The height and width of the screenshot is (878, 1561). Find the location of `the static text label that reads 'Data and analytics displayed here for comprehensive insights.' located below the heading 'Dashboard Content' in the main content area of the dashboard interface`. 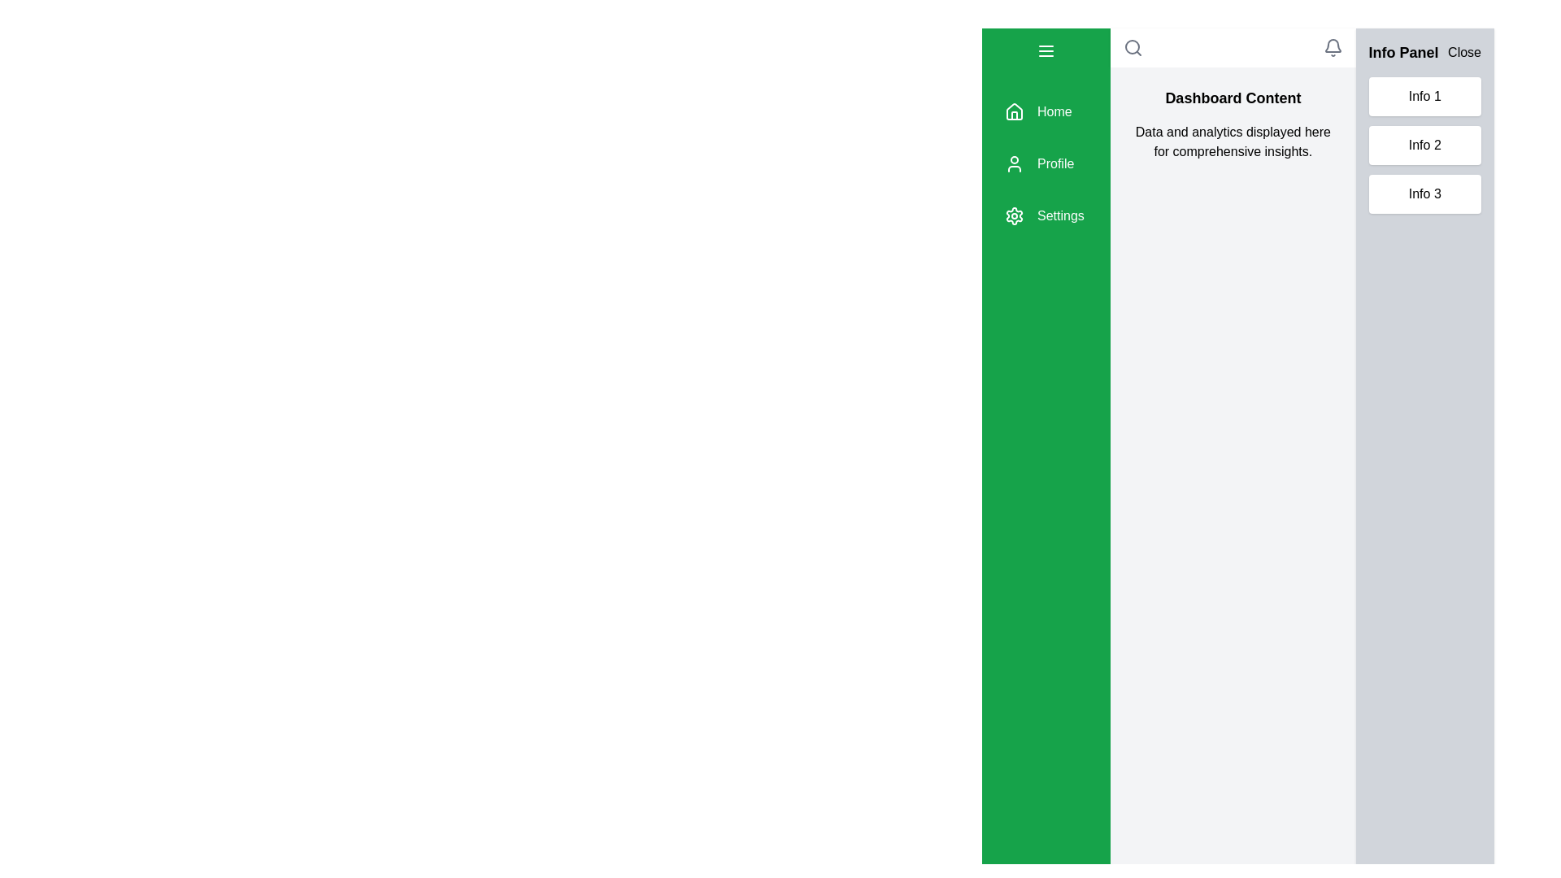

the static text label that reads 'Data and analytics displayed here for comprehensive insights.' located below the heading 'Dashboard Content' in the main content area of the dashboard interface is located at coordinates (1233, 141).